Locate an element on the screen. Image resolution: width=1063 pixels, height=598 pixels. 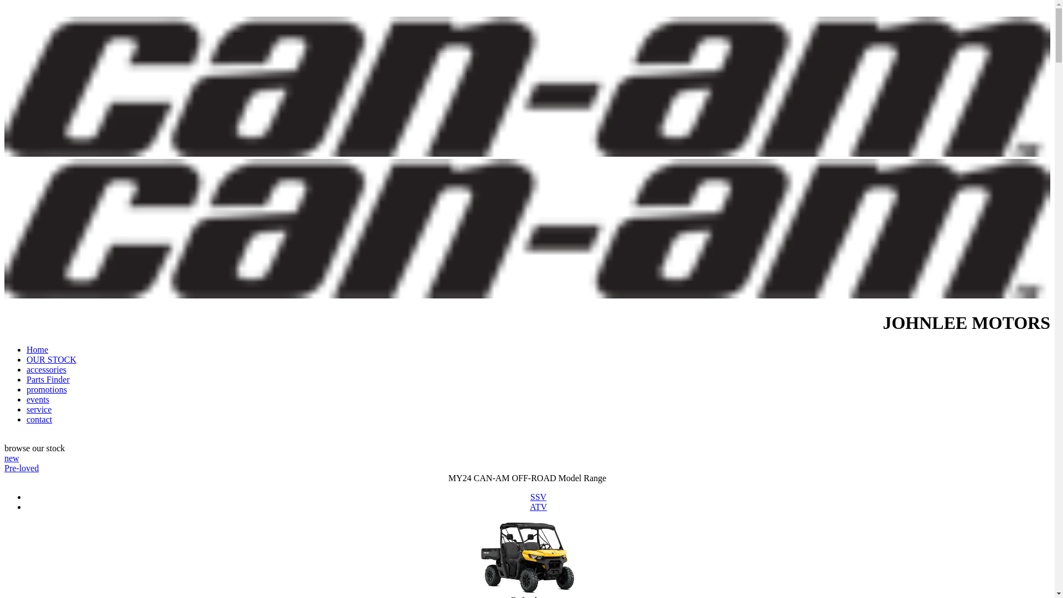
'Home' is located at coordinates (37, 349).